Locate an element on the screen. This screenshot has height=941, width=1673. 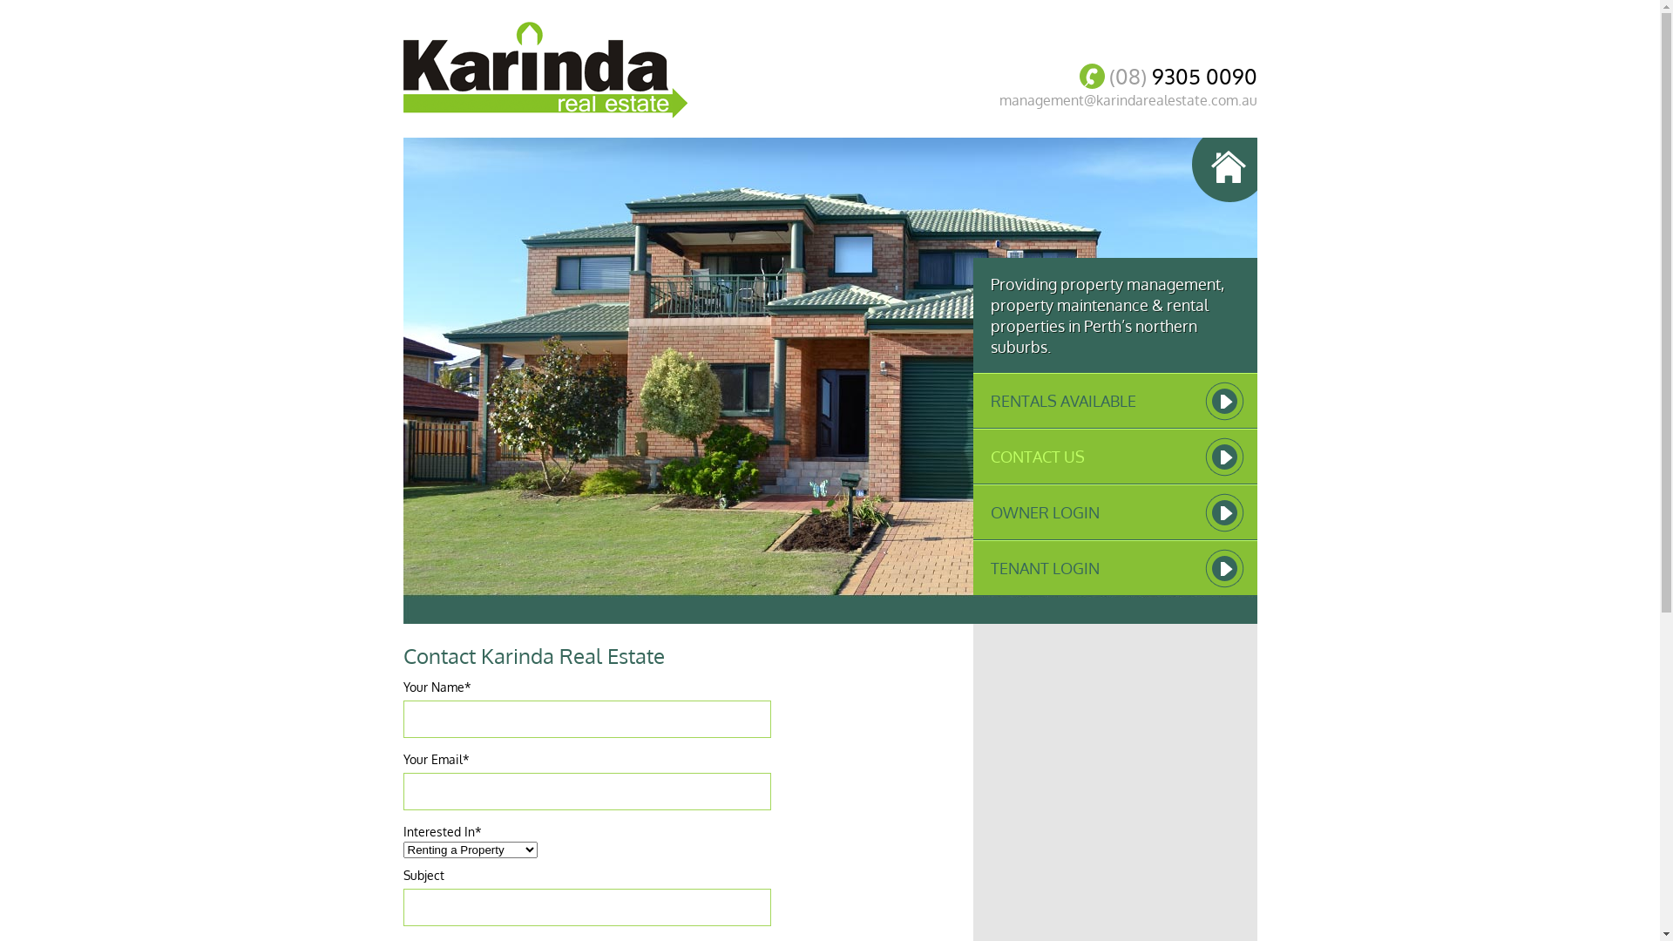
'TENANT LOGIN' is located at coordinates (1113, 567).